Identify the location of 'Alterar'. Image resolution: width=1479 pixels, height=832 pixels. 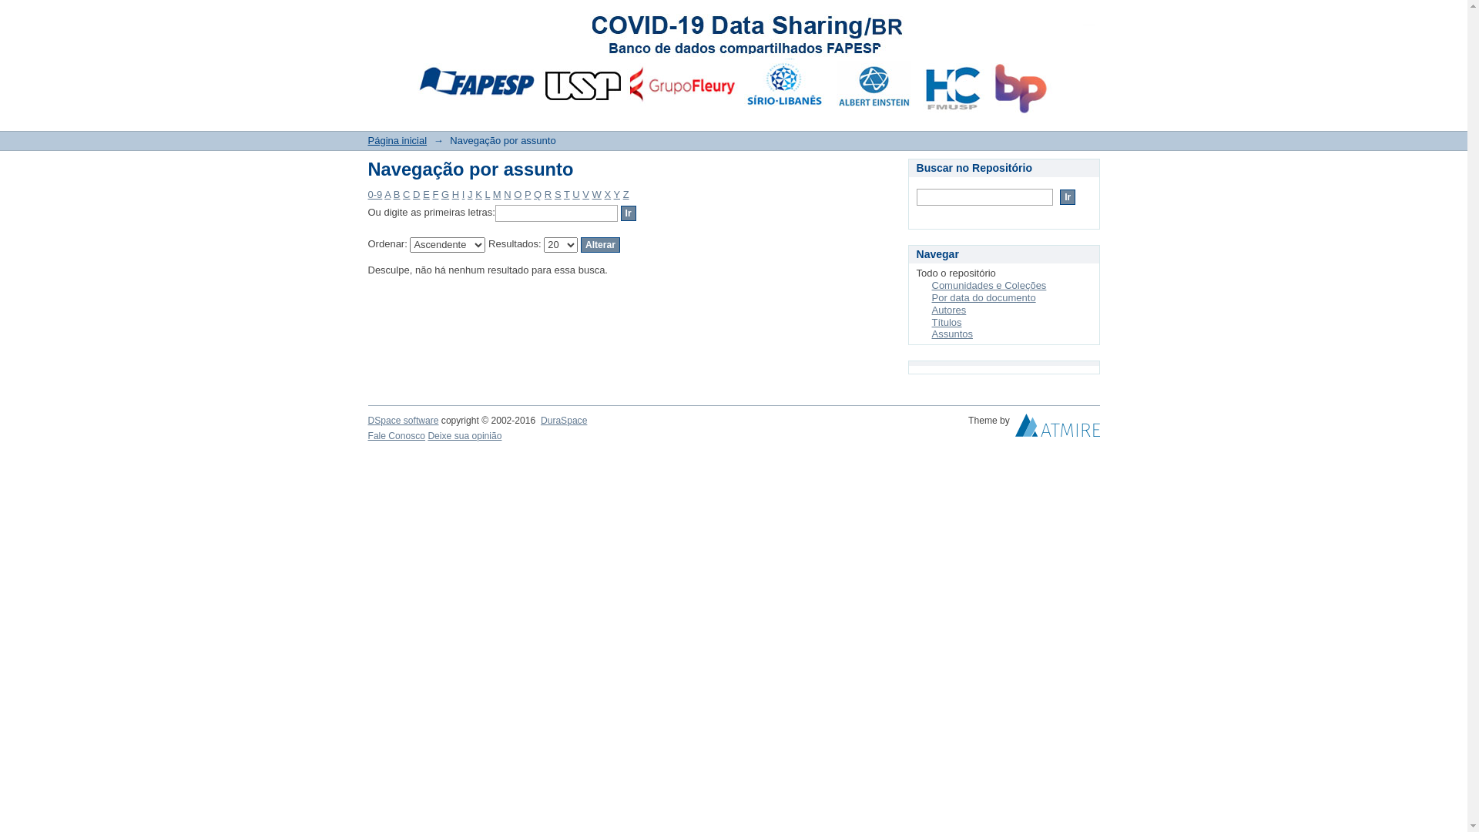
(599, 243).